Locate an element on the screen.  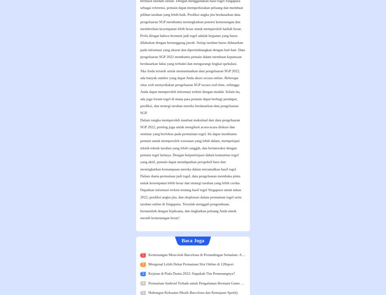
'3' is located at coordinates (142, 273).